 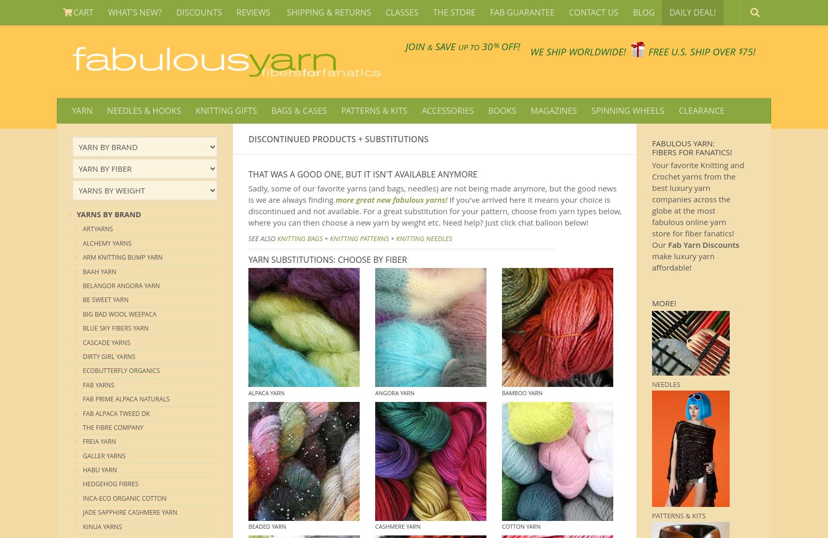 I want to click on 'MAGAZINES', so click(x=553, y=111).